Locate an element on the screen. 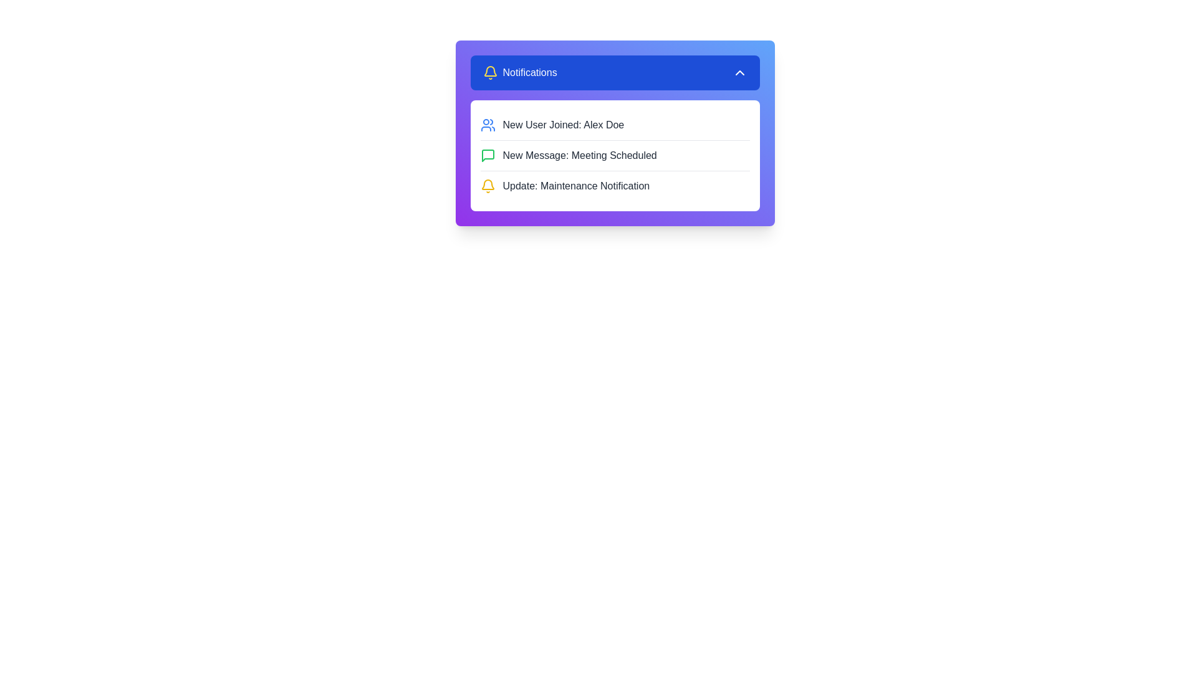 The width and height of the screenshot is (1197, 673). collapse/expand button to toggle the notification menu is located at coordinates (739, 72).